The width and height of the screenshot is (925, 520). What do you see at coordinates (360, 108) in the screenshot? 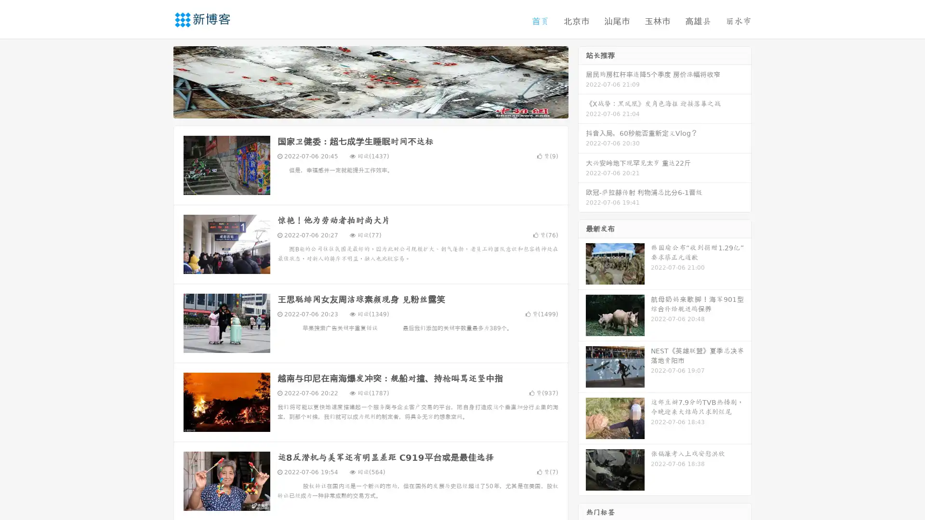
I see `Go to slide 1` at bounding box center [360, 108].